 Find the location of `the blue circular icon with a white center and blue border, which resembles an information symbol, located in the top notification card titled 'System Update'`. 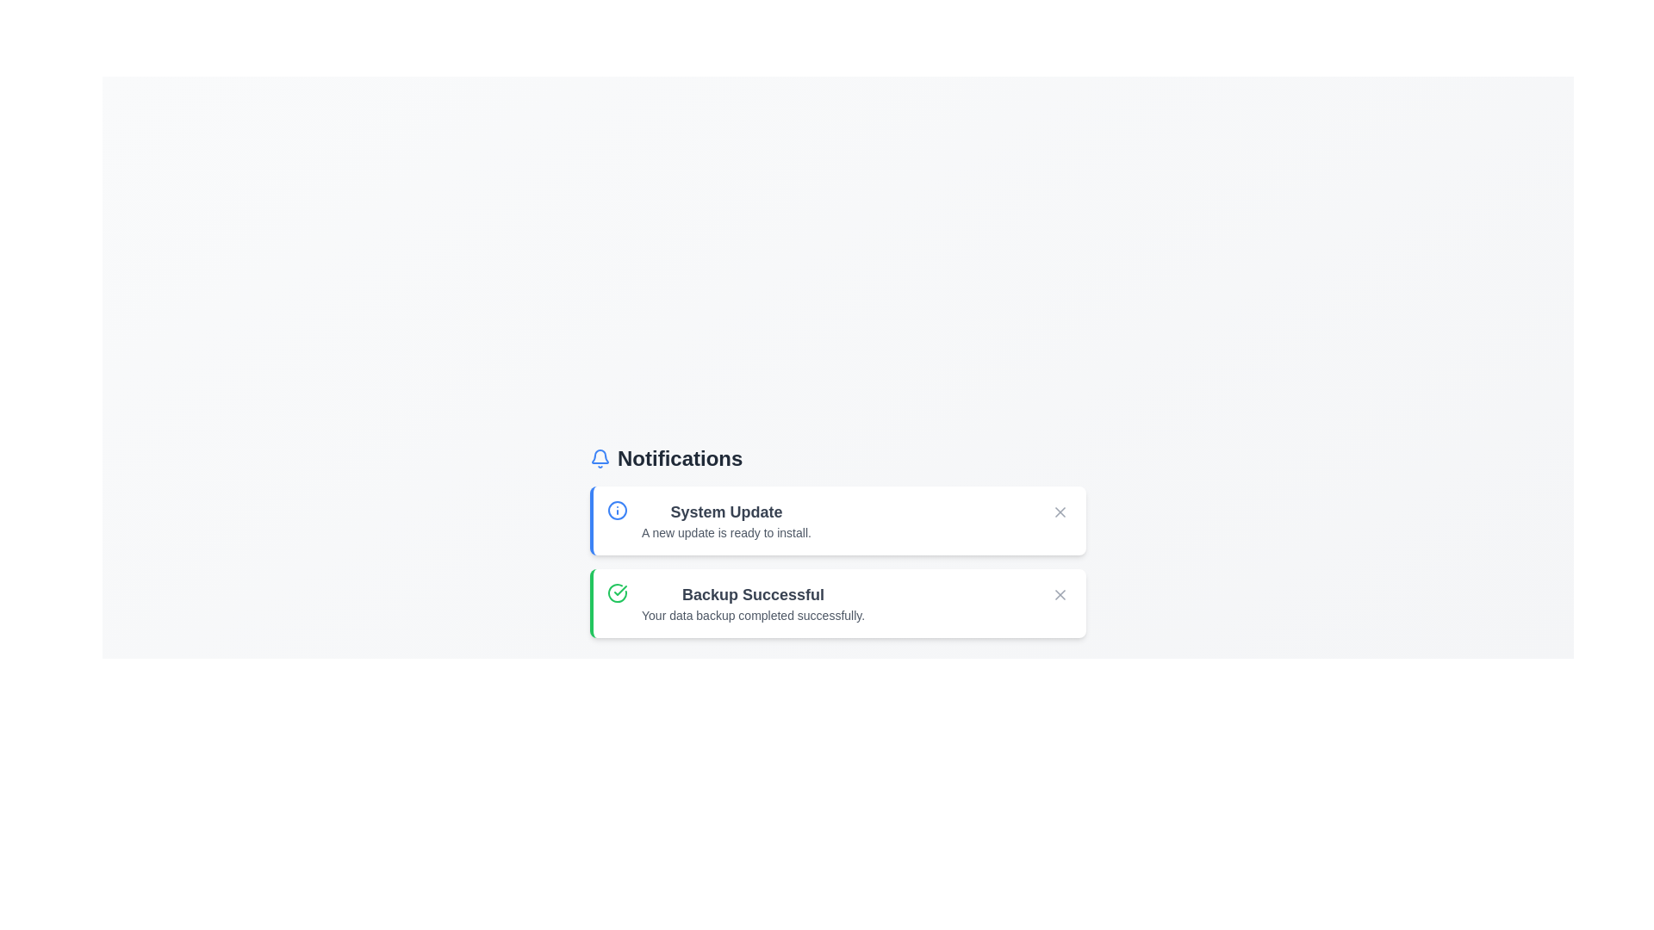

the blue circular icon with a white center and blue border, which resembles an information symbol, located in the top notification card titled 'System Update' is located at coordinates (617, 510).